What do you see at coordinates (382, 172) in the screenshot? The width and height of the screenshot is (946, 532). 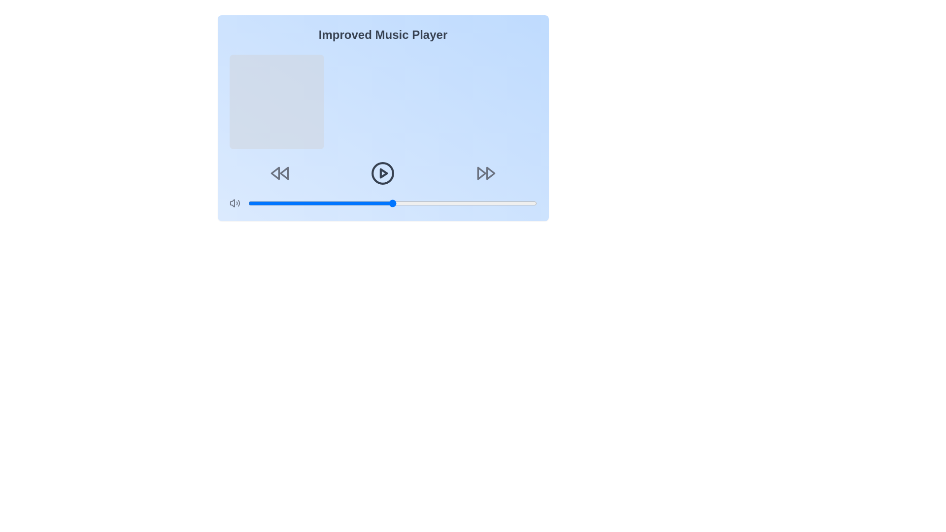 I see `the play button located centrally in the playback controls` at bounding box center [382, 172].